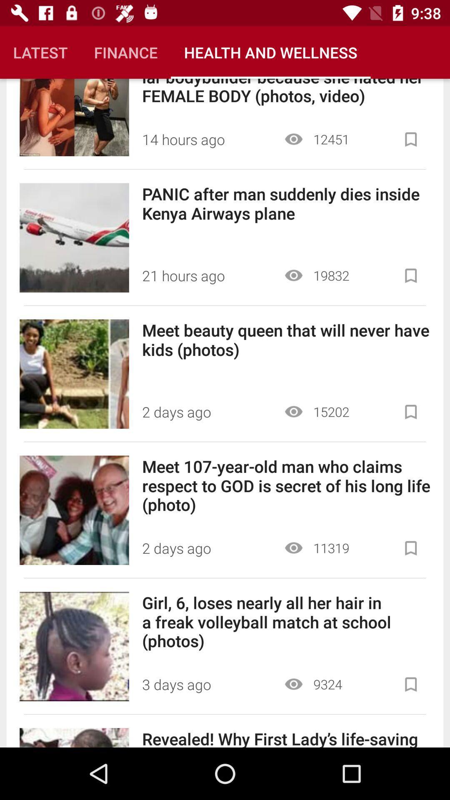 The width and height of the screenshot is (450, 800). What do you see at coordinates (410, 412) in the screenshot?
I see `the article` at bounding box center [410, 412].